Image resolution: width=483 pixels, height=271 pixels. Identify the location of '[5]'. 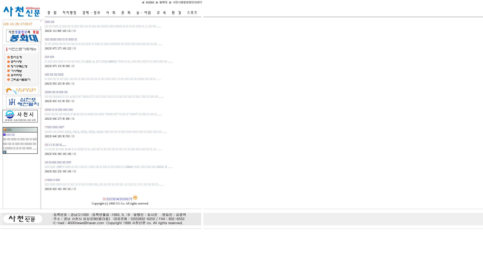
(122, 199).